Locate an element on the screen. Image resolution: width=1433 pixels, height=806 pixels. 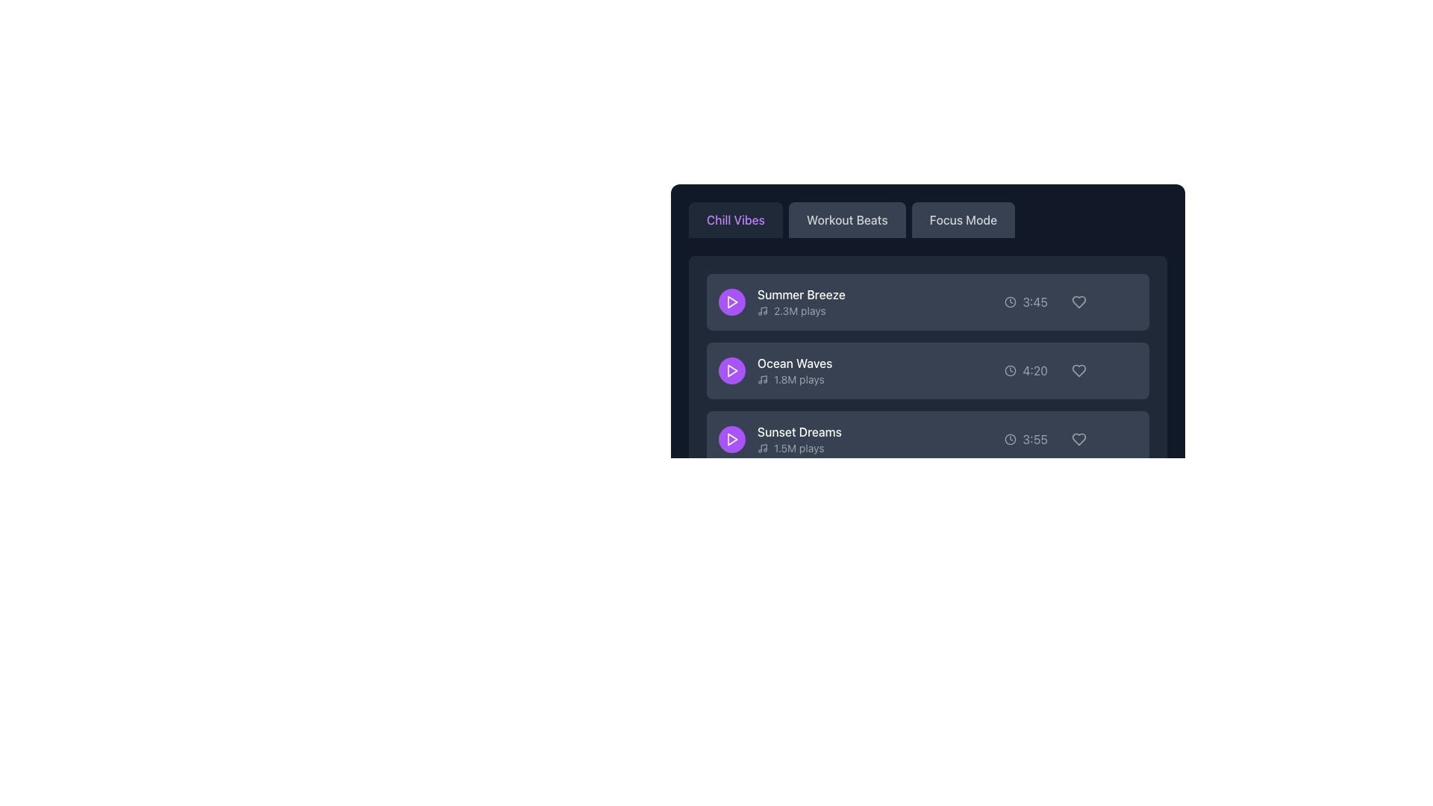
the heart-shaped outline icon located to the right of the timestamp '3:45' in the card for the music track 'Summer Breeze' is located at coordinates (1078, 302).